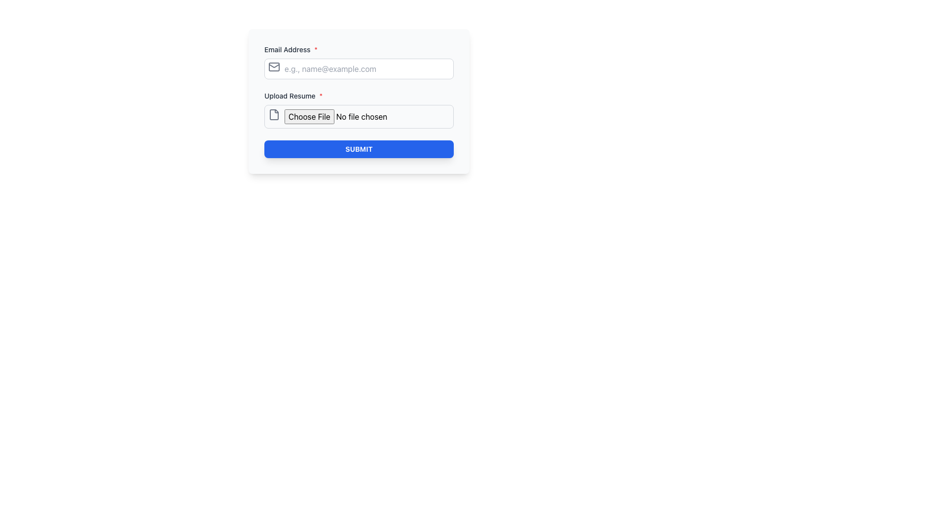  What do you see at coordinates (359, 114) in the screenshot?
I see `the File upload input field located directly below the 'Upload Resume*' text label` at bounding box center [359, 114].